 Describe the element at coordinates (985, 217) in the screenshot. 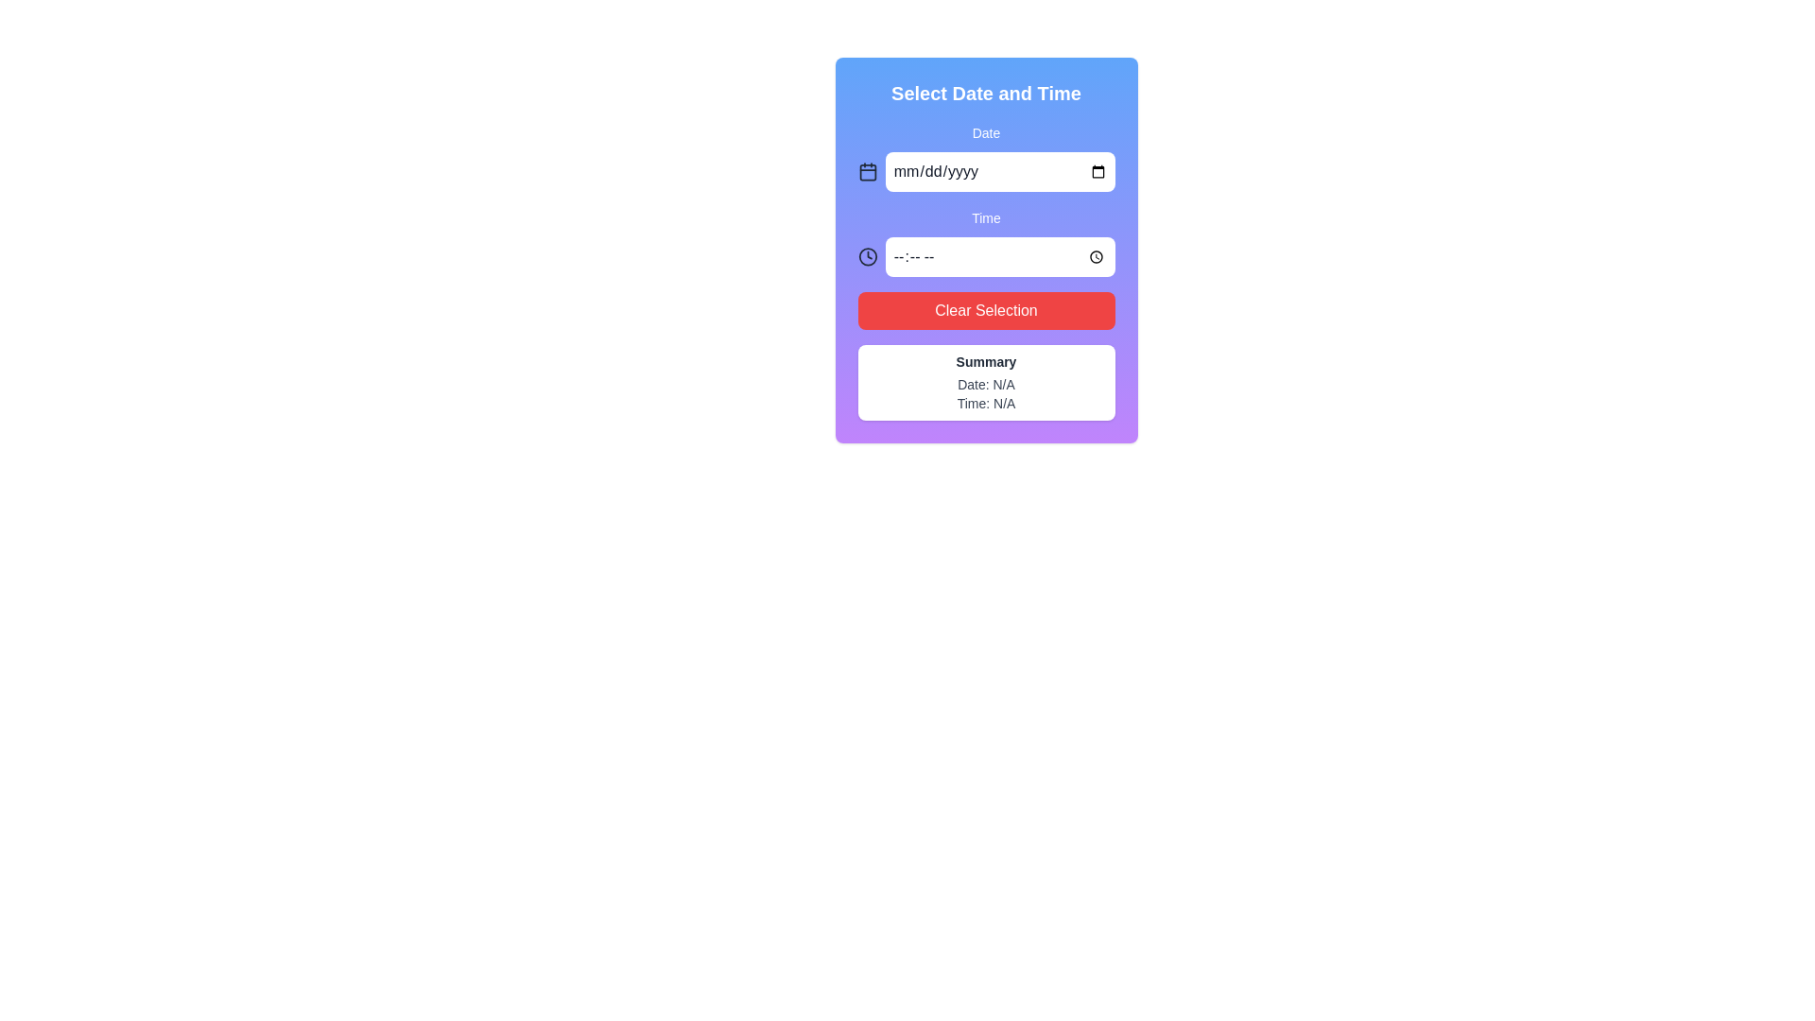

I see `the 'Time' label, which displays the text in white font on a blue background and is positioned above the time input field` at that location.